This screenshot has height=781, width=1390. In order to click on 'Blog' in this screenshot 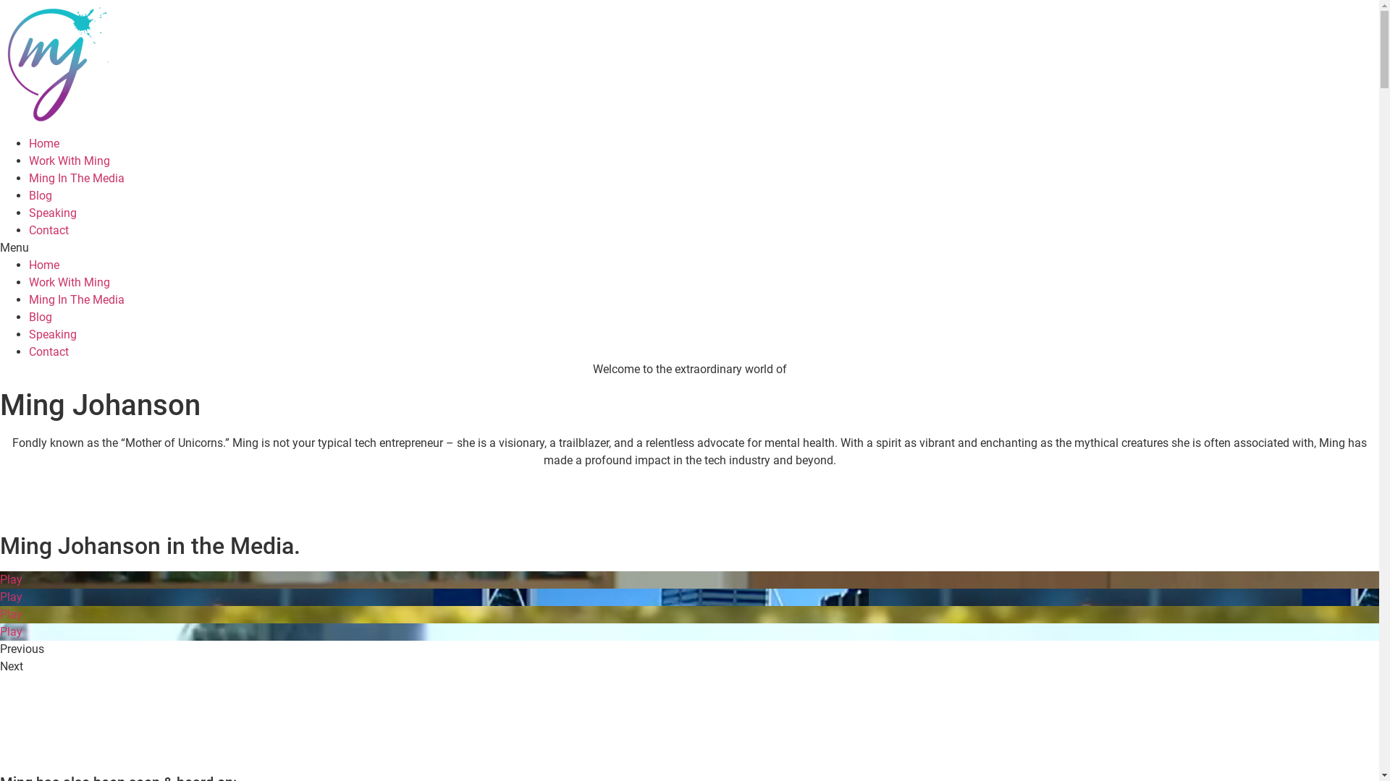, I will do `click(41, 195)`.